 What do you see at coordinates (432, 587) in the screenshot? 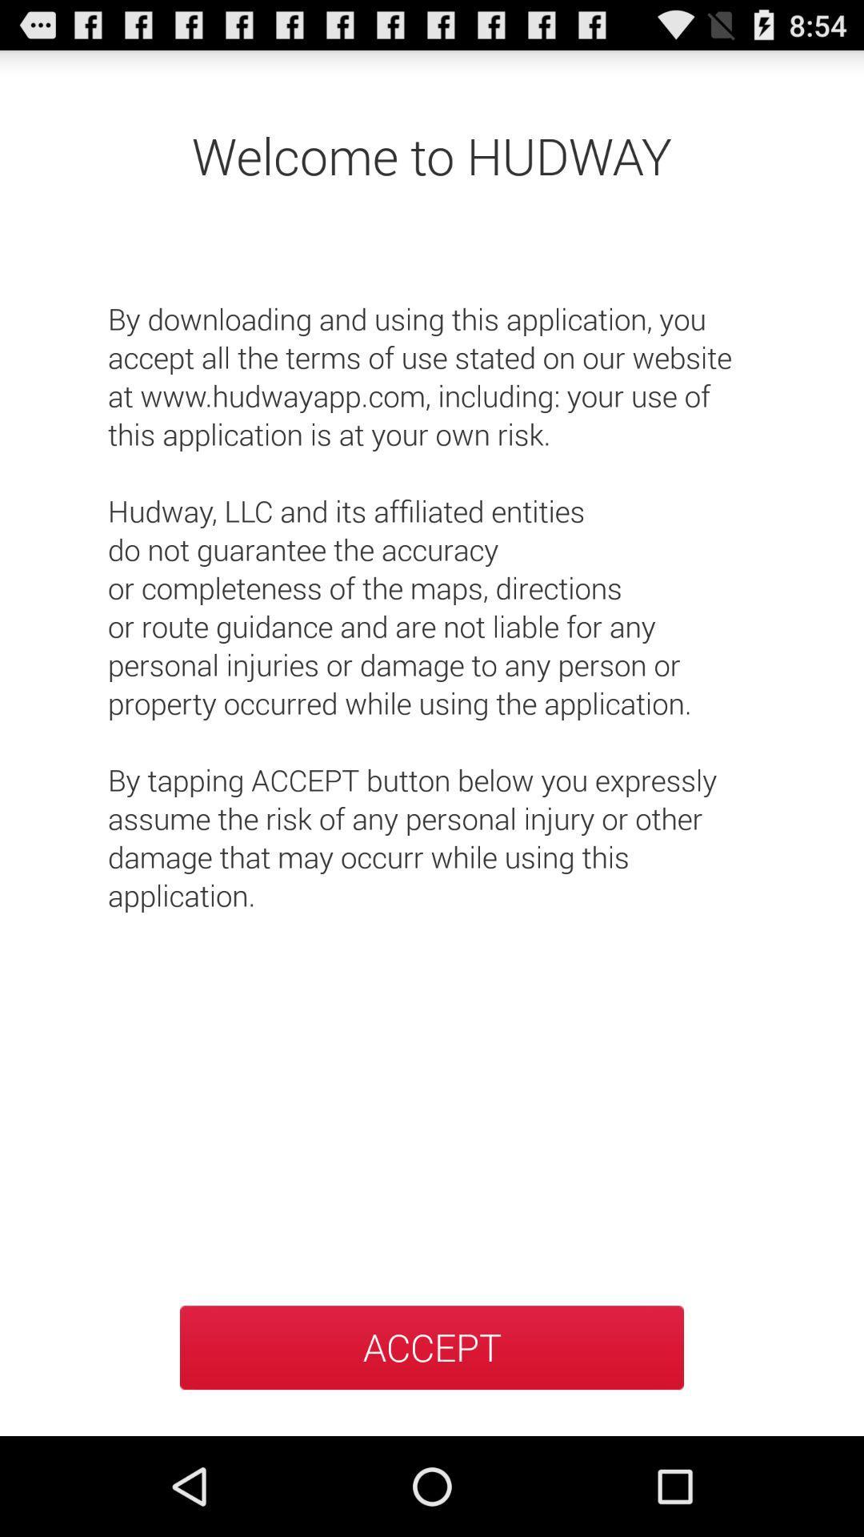
I see `the item below the welcome to hudway icon` at bounding box center [432, 587].